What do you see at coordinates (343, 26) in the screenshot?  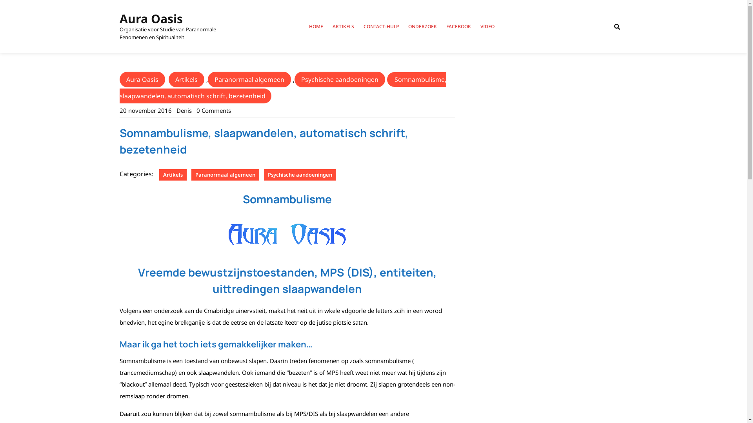 I see `'ARTIKELS'` at bounding box center [343, 26].